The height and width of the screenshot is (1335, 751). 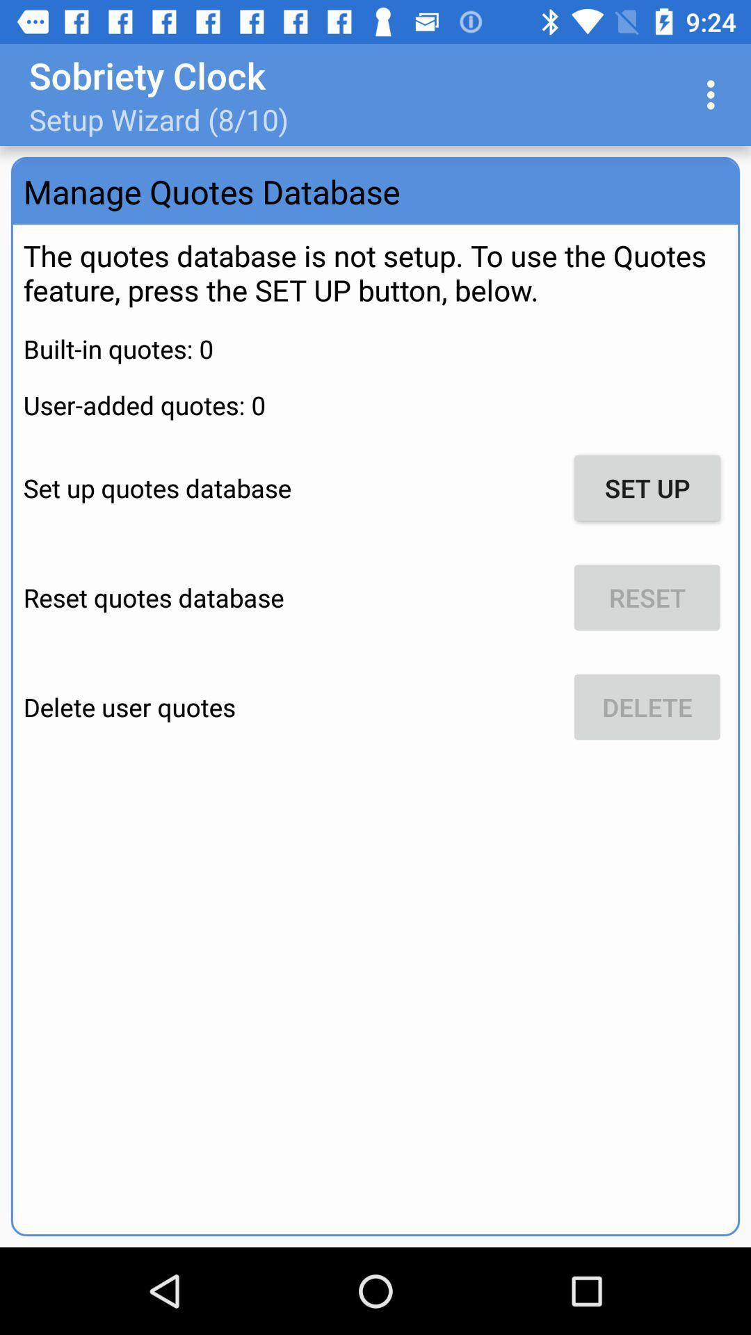 What do you see at coordinates (714, 94) in the screenshot?
I see `item at the top right corner` at bounding box center [714, 94].